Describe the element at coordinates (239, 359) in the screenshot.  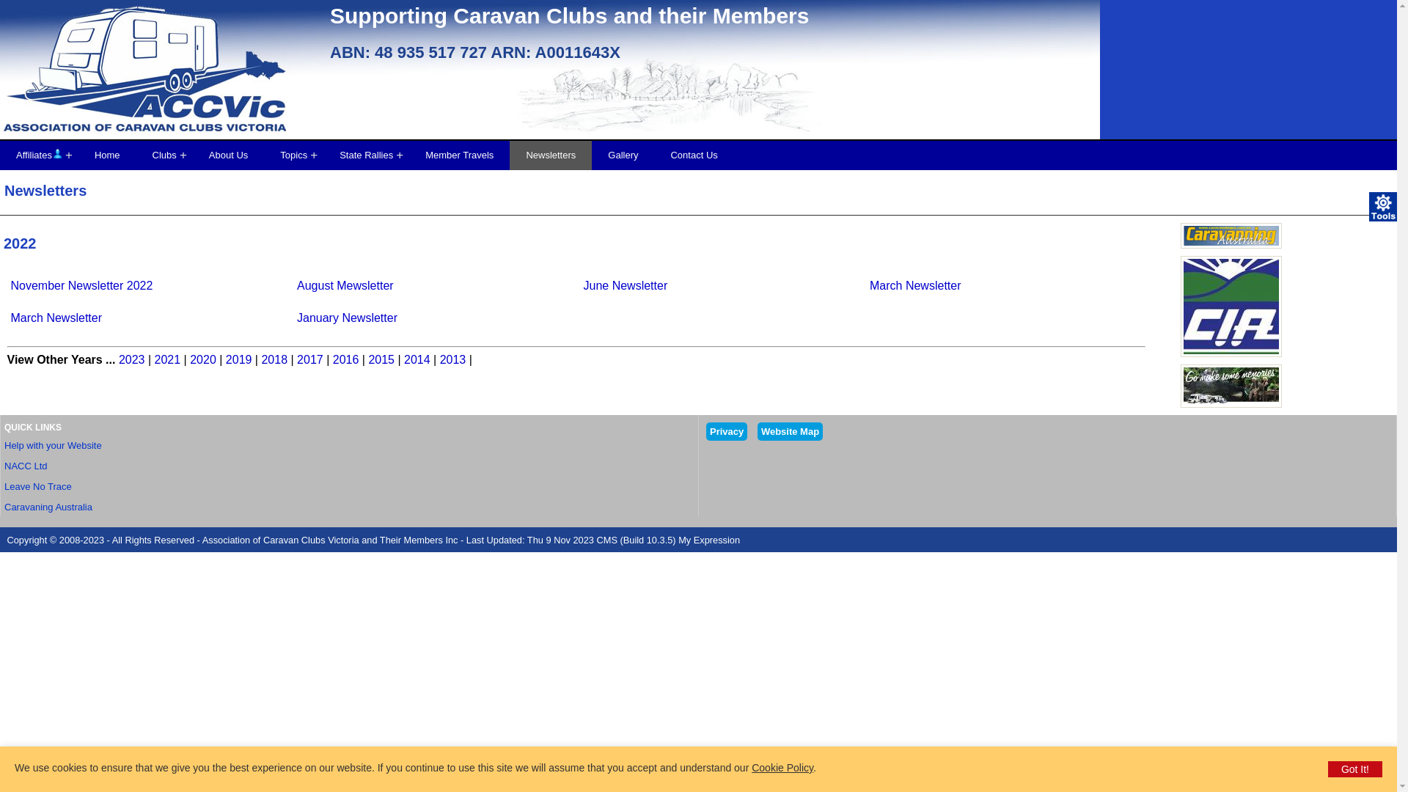
I see `'2019'` at that location.